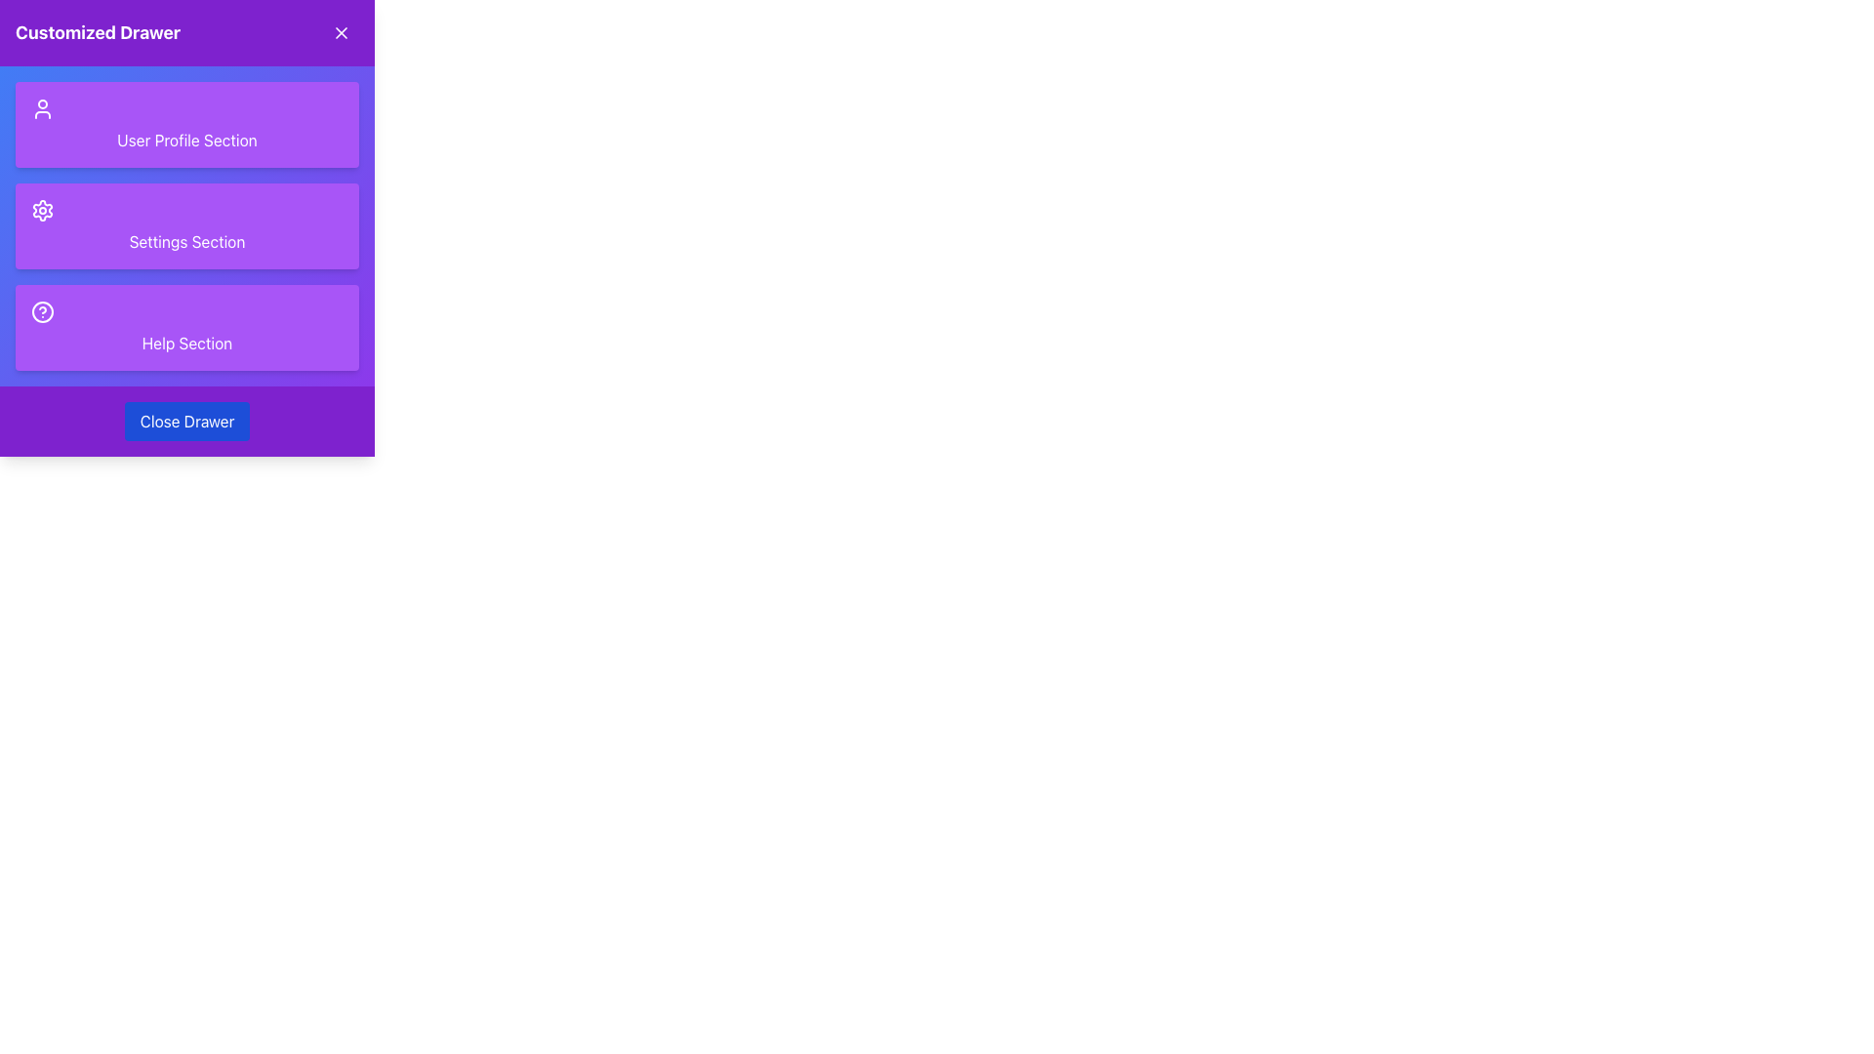 The image size is (1874, 1054). Describe the element at coordinates (187, 139) in the screenshot. I see `text from the Text Label stating 'User Profile Section' which is displayed in white font on a purple background, located below the user icon and above the 'Settings Section' button` at that location.